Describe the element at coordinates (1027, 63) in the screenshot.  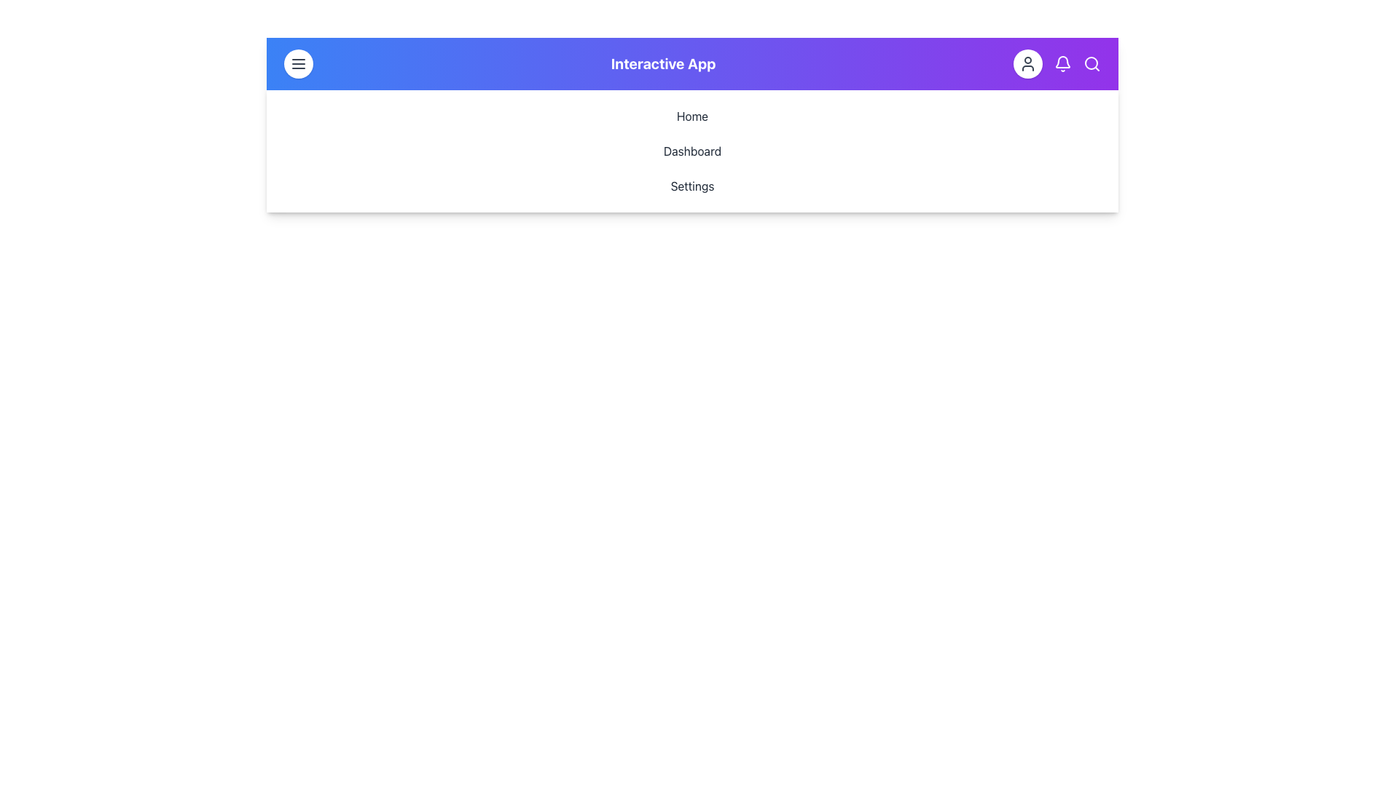
I see `the user profile button located in the top-right corner of the header bar` at that location.